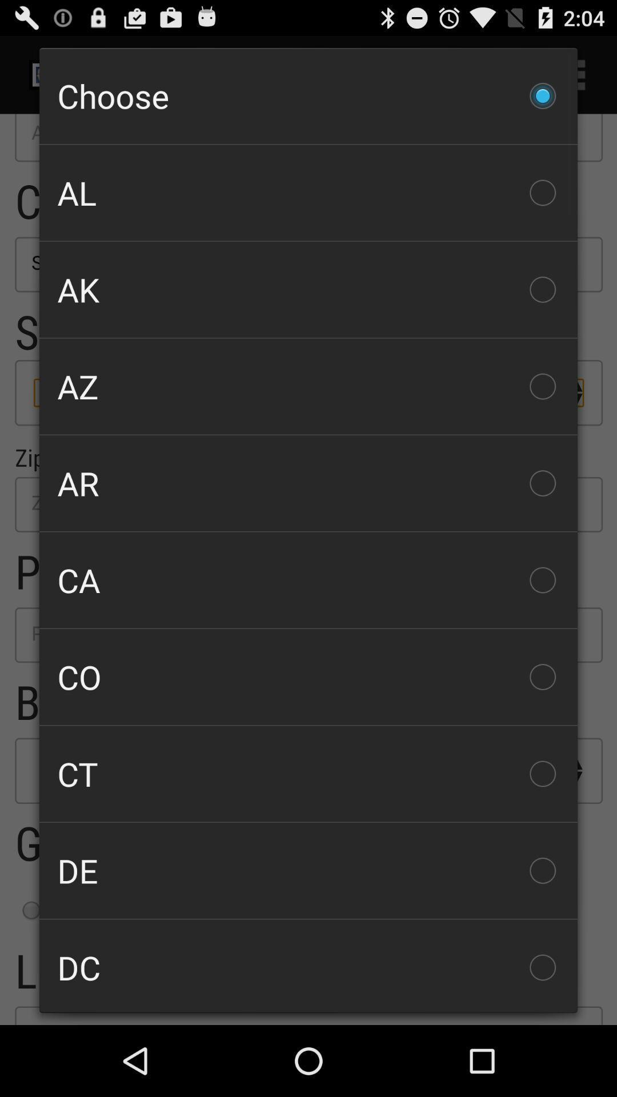 The width and height of the screenshot is (617, 1097). I want to click on ct checkbox, so click(308, 774).